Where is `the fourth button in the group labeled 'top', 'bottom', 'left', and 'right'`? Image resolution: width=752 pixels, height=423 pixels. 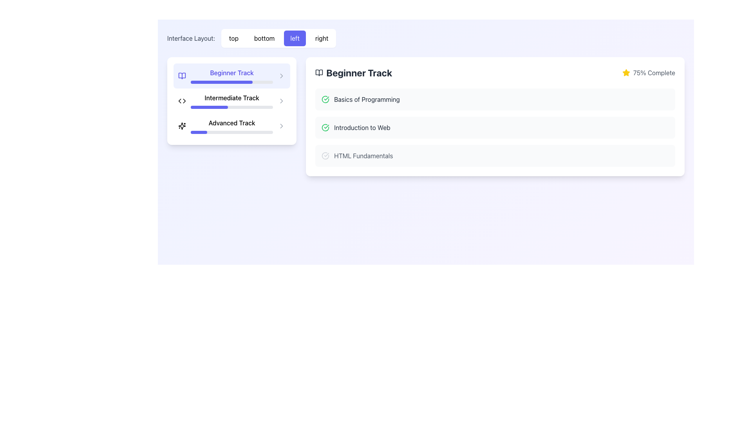
the fourth button in the group labeled 'top', 'bottom', 'left', and 'right' is located at coordinates (322, 38).